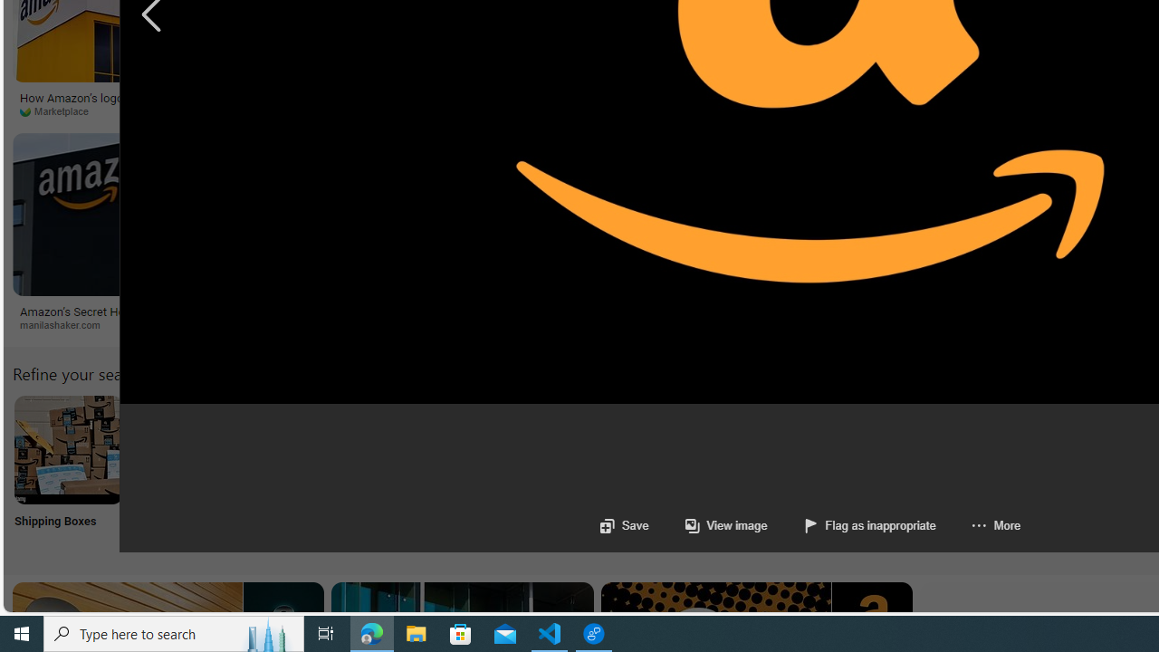 This screenshot has width=1159, height=652. I want to click on 'protothema.gr', so click(743, 324).